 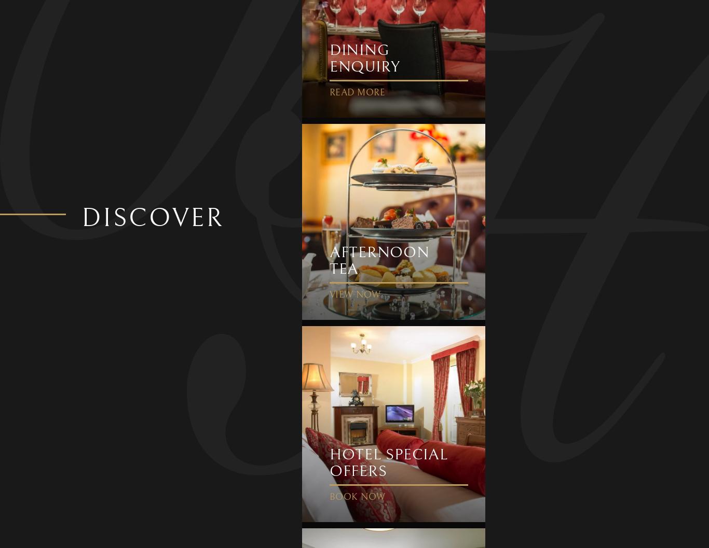 What do you see at coordinates (144, 25) in the screenshot?
I see `'The Palace Venue'` at bounding box center [144, 25].